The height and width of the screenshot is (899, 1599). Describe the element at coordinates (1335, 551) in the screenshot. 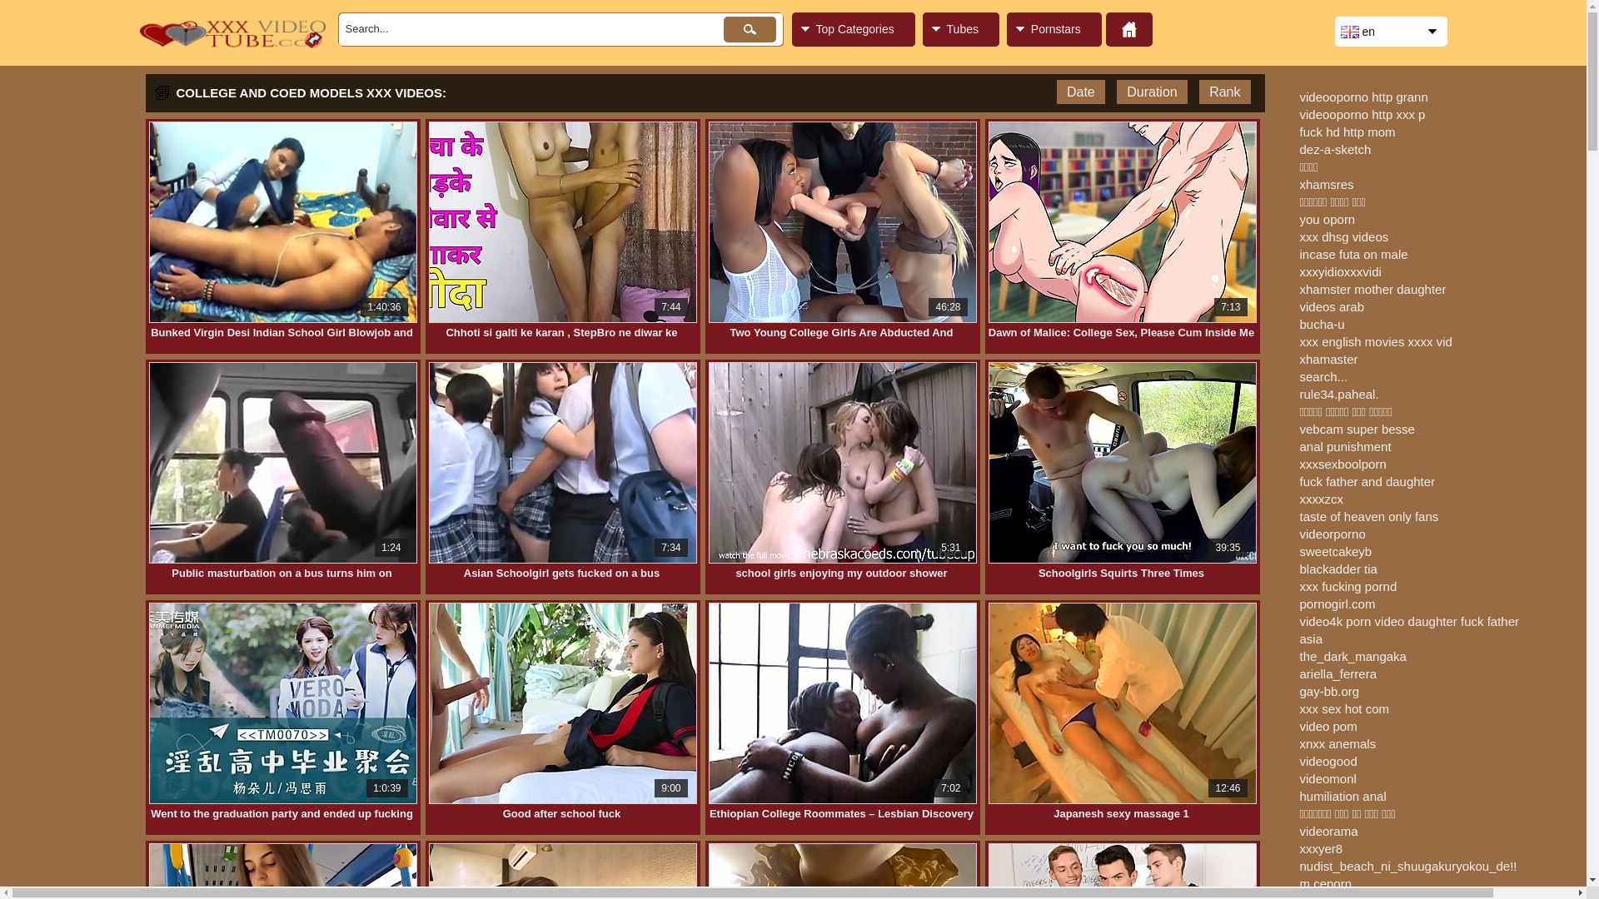

I see `'sweetcakeyb'` at that location.